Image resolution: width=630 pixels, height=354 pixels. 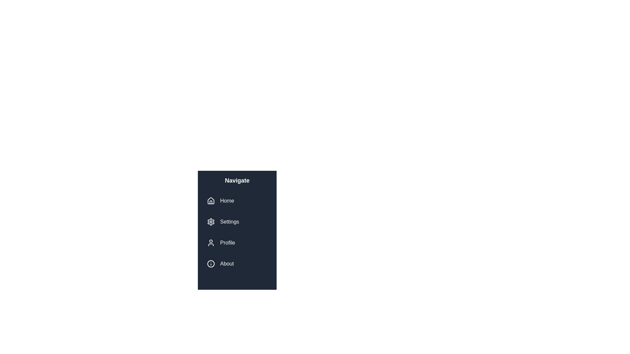 I want to click on the cogwheel icon representing settings in the navigation menu, located in the second position from the top, so click(x=211, y=222).